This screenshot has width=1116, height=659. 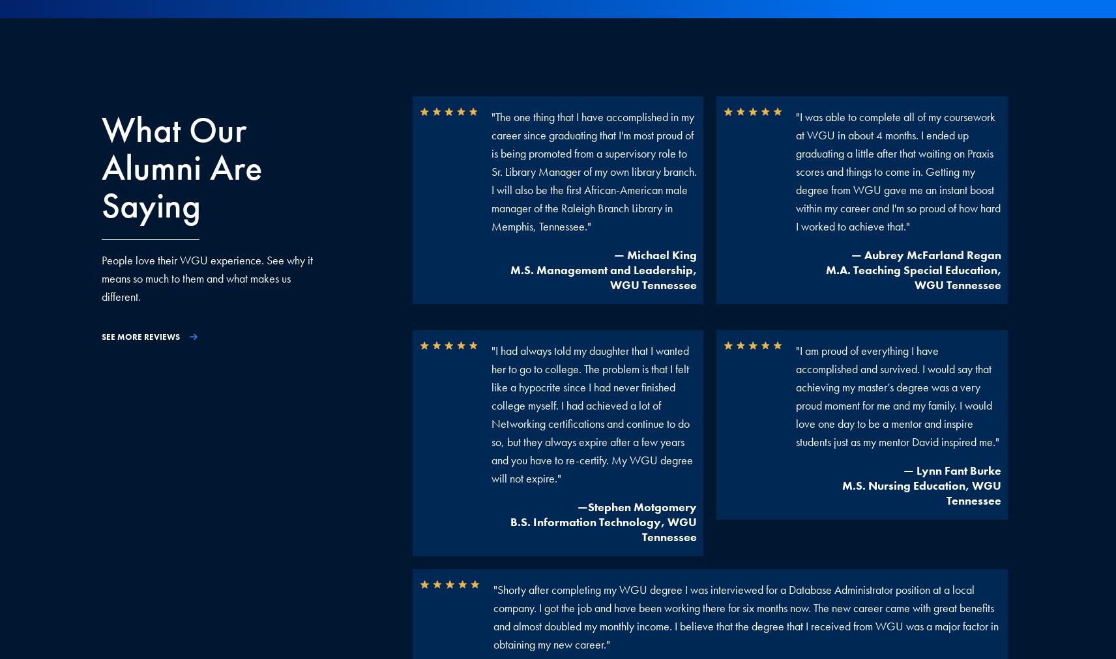 What do you see at coordinates (825, 277) in the screenshot?
I see `'M.A. Teaching Special Education, WGU Tennessee'` at bounding box center [825, 277].